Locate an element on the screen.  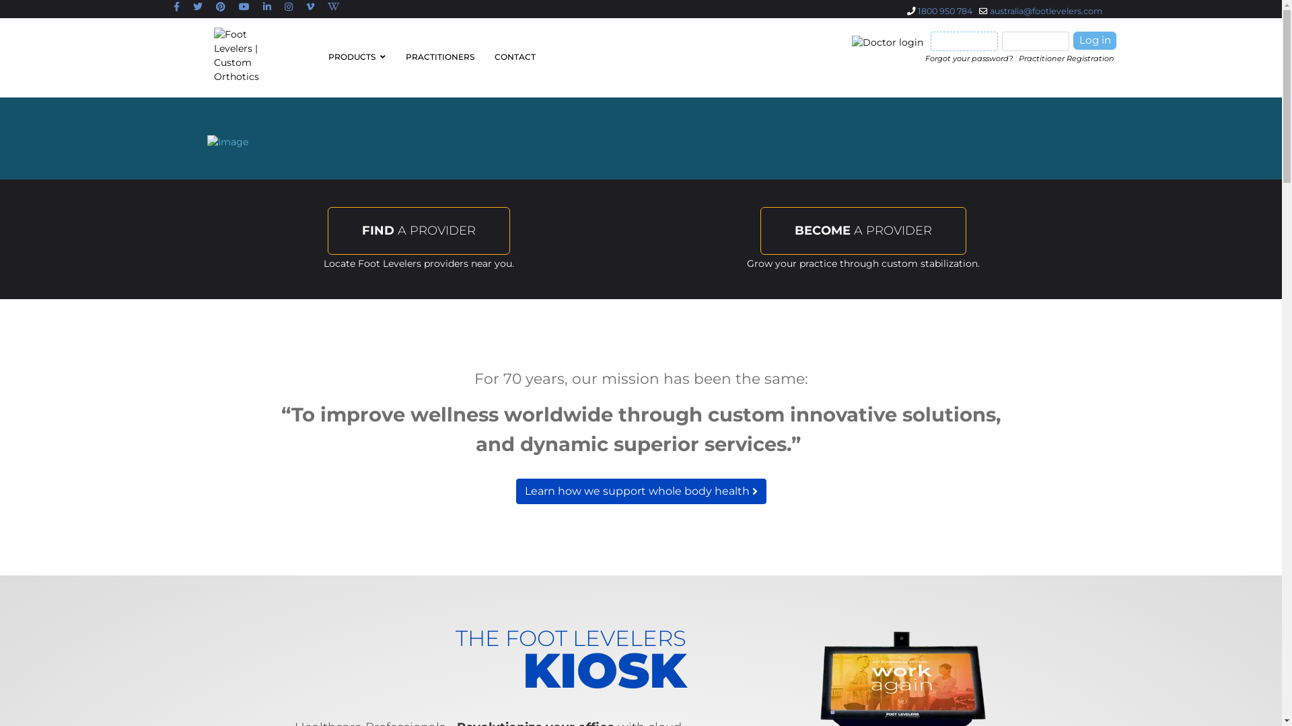
'Forgot your password?' is located at coordinates (924, 58).